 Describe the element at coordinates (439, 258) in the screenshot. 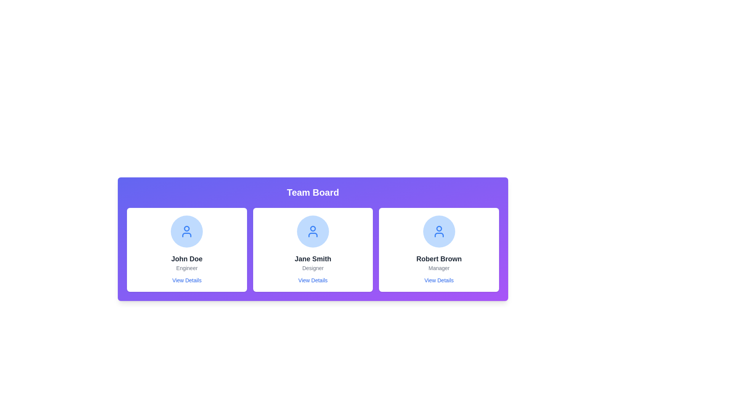

I see `the label displaying the name 'Robert Brown', located beneath the circular avatar icon and above the designation label 'Manager'` at that location.